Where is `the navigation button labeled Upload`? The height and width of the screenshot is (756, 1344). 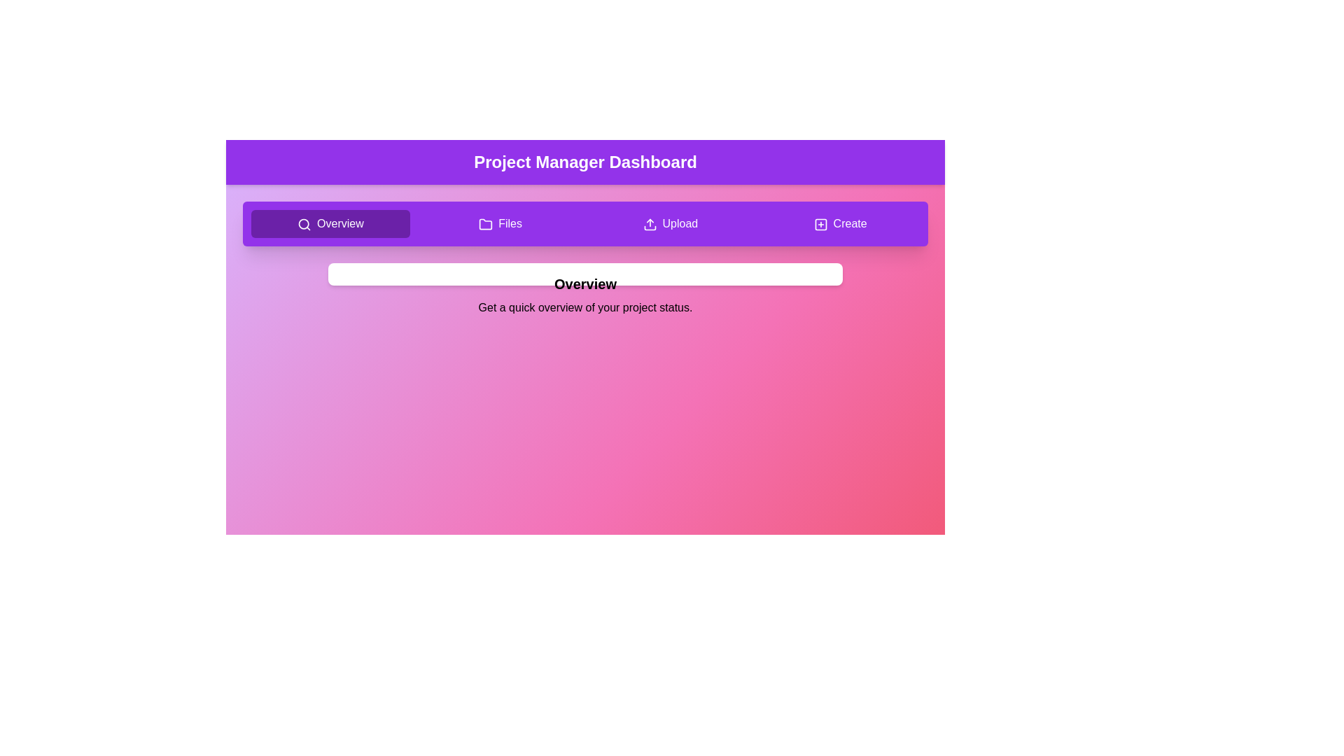
the navigation button labeled Upload is located at coordinates (669, 223).